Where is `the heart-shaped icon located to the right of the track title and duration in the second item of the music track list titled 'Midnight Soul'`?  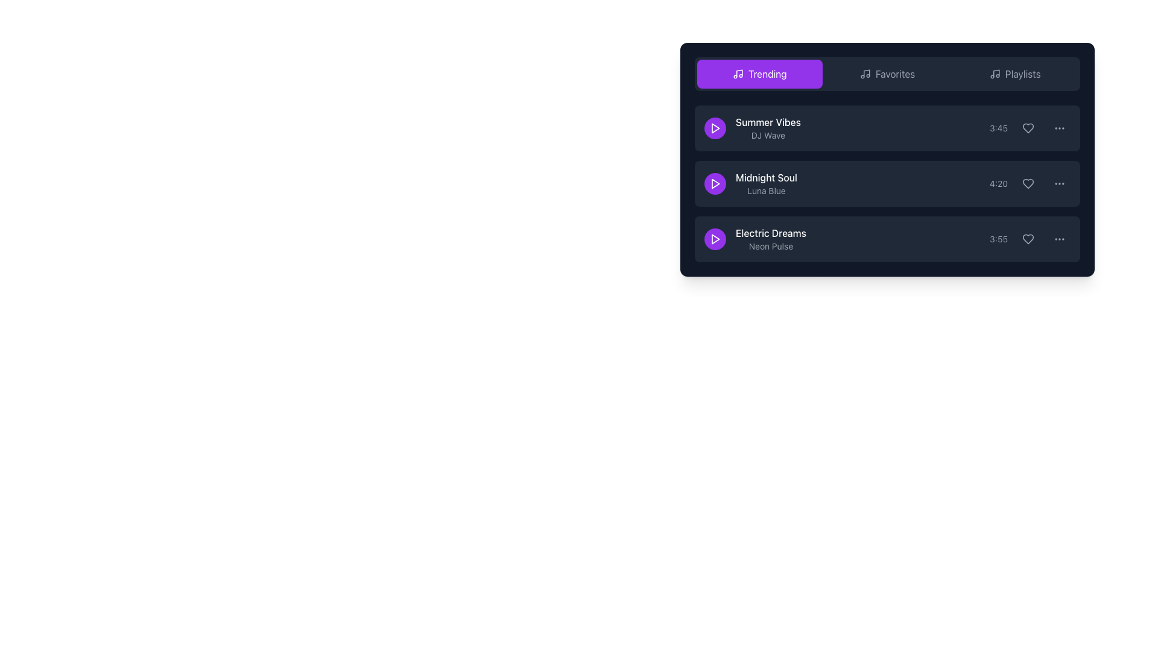 the heart-shaped icon located to the right of the track title and duration in the second item of the music track list titled 'Midnight Soul' is located at coordinates (1027, 183).